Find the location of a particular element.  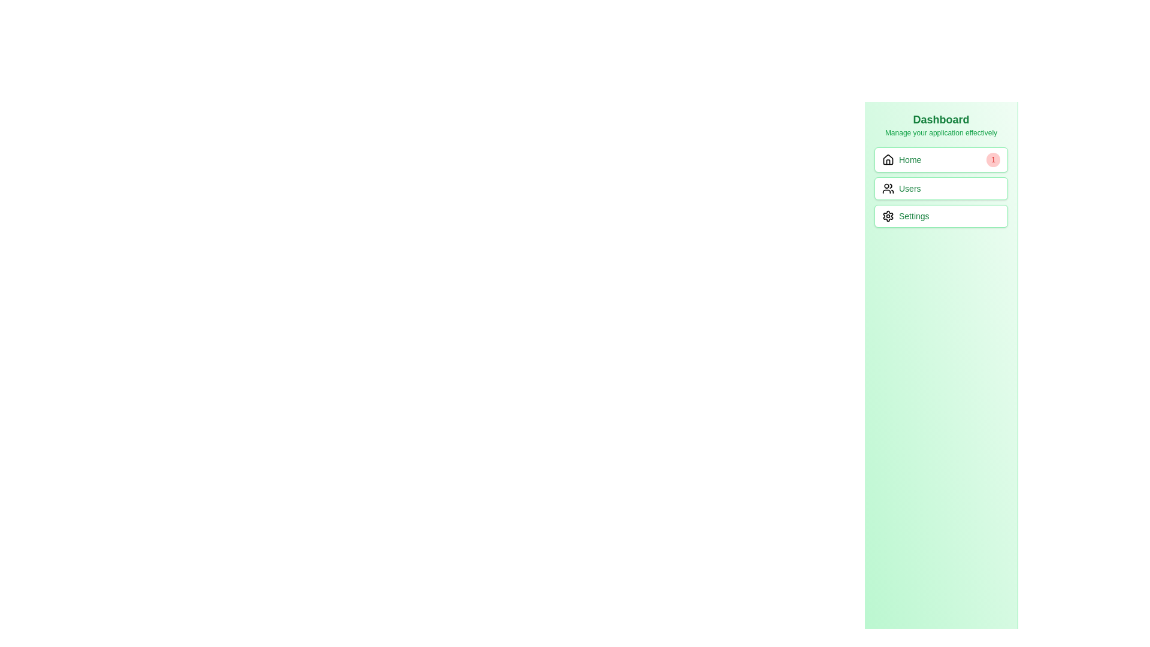

the 'Users' button which contains an icon of multiple users arranged side-by-side, located in the vertical navigation menu is located at coordinates (888, 189).